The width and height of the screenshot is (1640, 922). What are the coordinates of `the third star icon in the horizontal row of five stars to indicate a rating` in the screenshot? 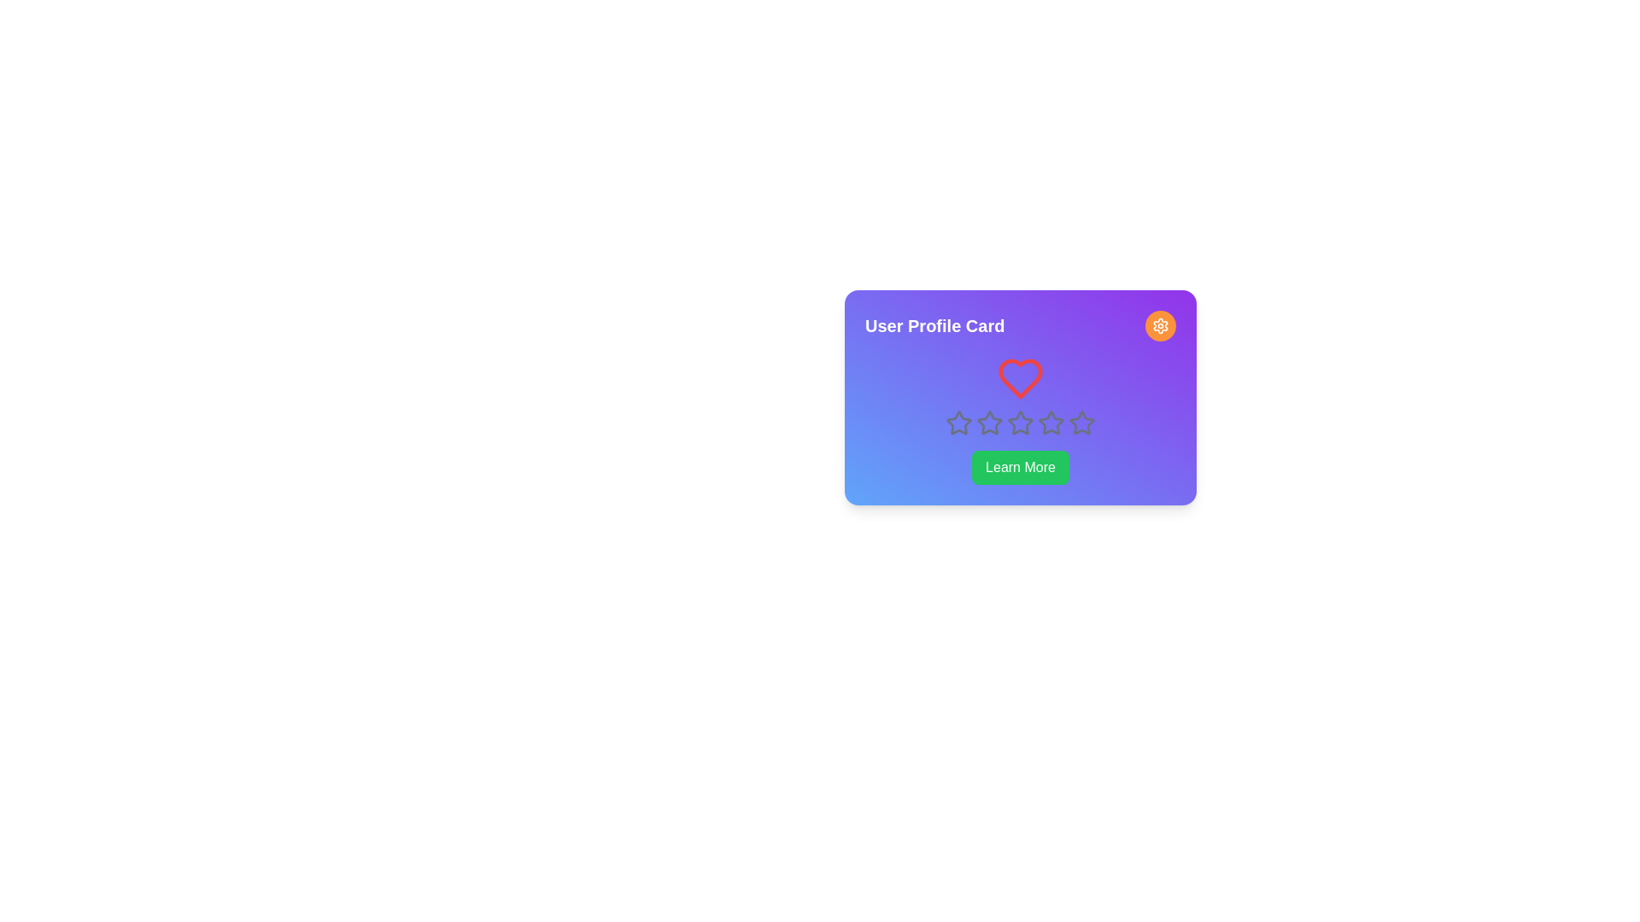 It's located at (1020, 422).